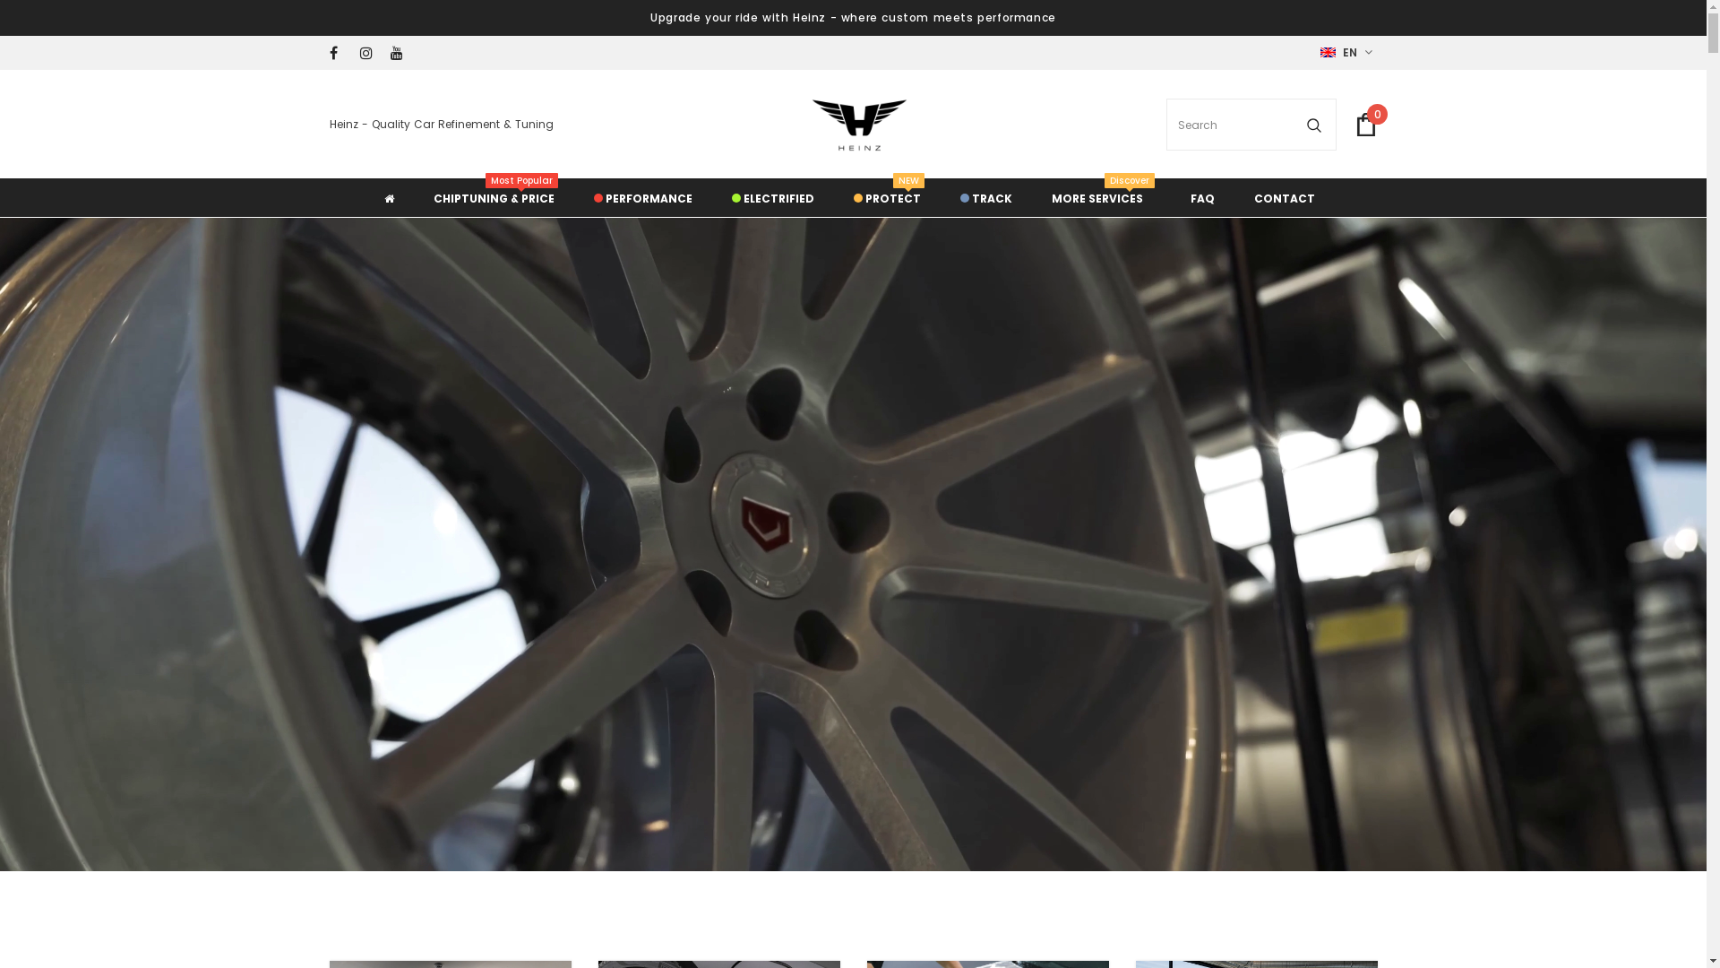  What do you see at coordinates (1201, 196) in the screenshot?
I see `'FAQ'` at bounding box center [1201, 196].